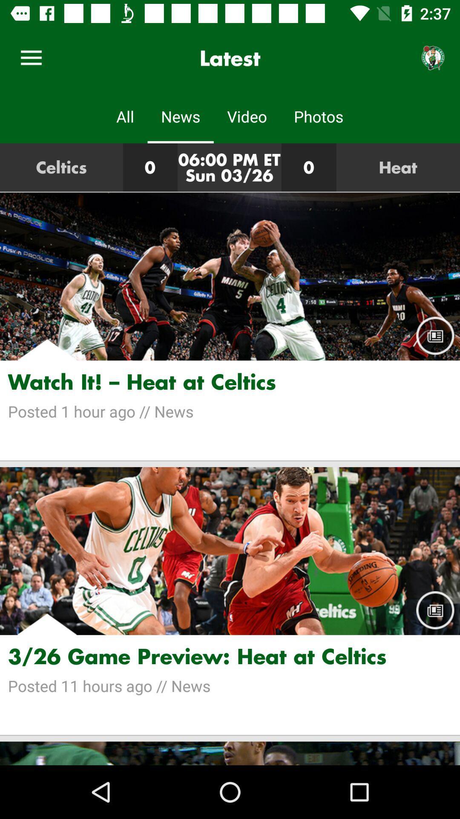 Image resolution: width=460 pixels, height=819 pixels. What do you see at coordinates (31, 58) in the screenshot?
I see `the item next to latest` at bounding box center [31, 58].